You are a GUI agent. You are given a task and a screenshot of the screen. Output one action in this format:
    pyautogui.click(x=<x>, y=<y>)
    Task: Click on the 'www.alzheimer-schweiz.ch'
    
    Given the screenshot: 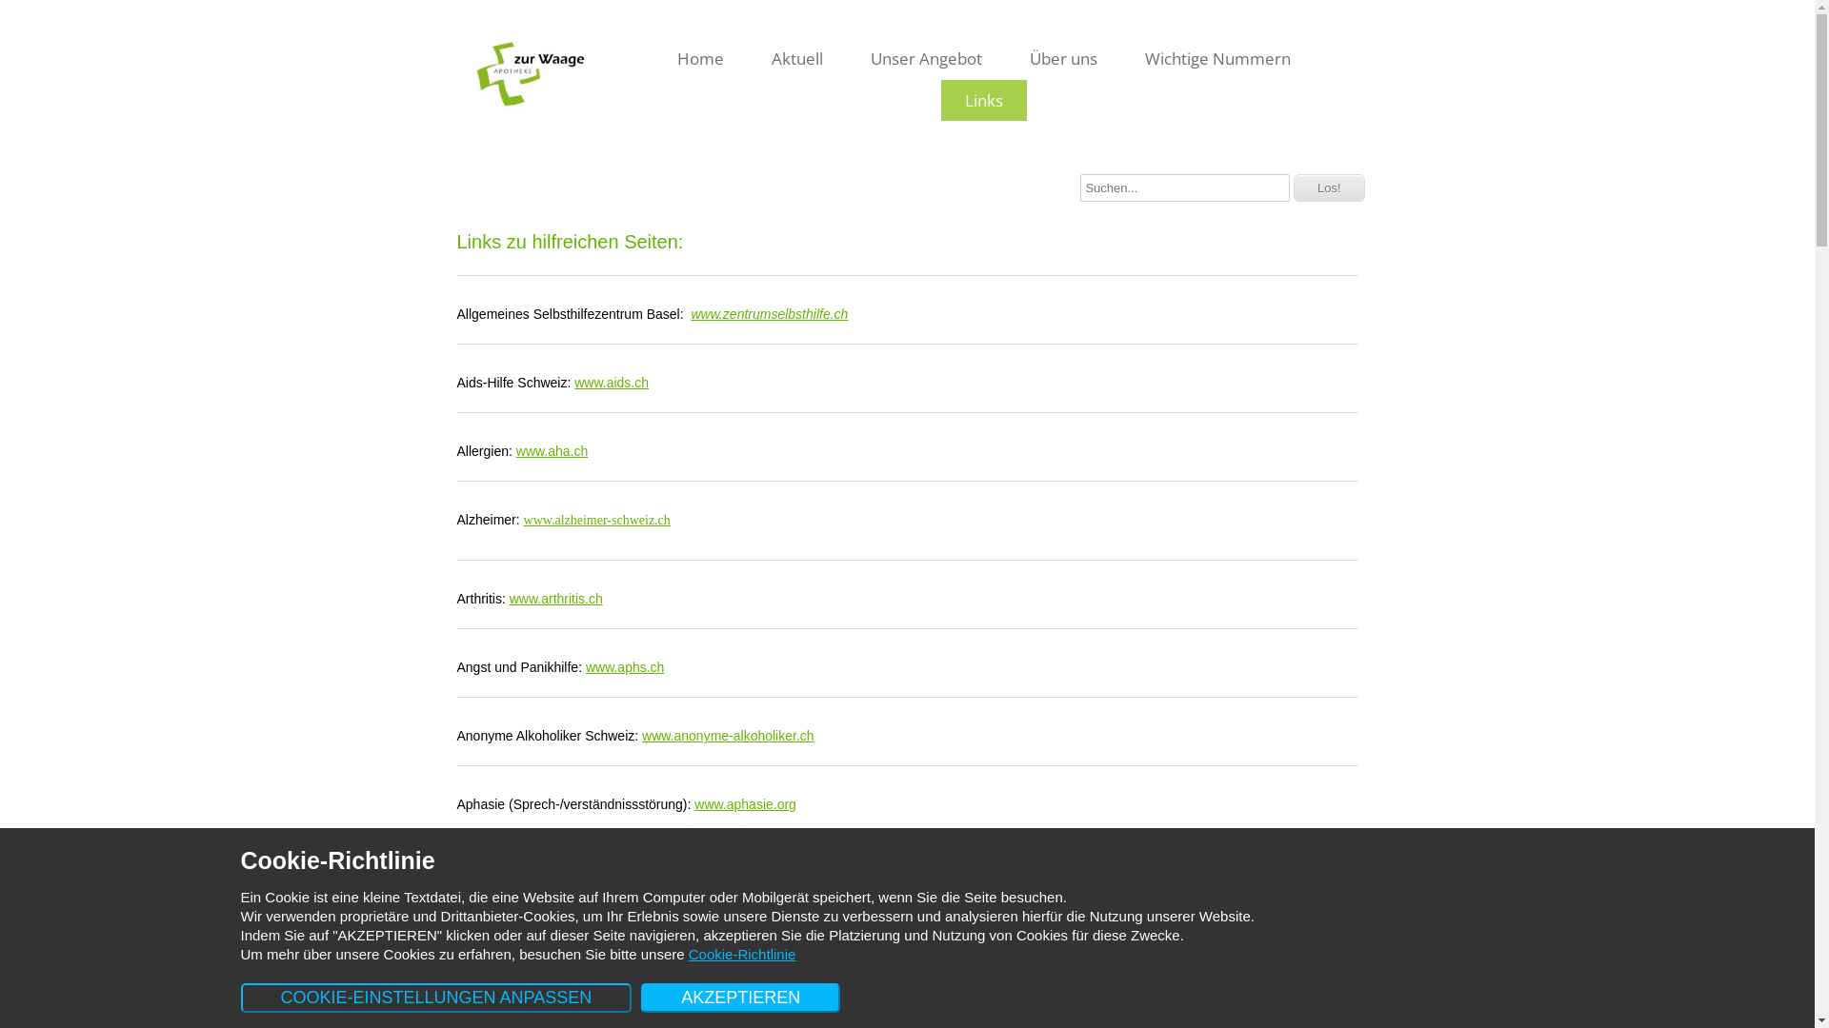 What is the action you would take?
    pyautogui.click(x=524, y=520)
    